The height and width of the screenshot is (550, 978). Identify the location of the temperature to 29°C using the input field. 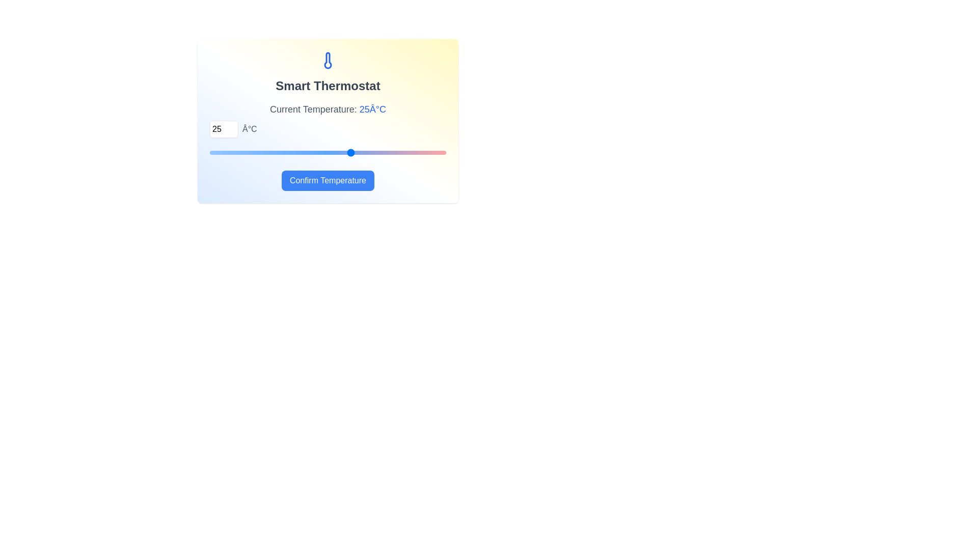
(224, 129).